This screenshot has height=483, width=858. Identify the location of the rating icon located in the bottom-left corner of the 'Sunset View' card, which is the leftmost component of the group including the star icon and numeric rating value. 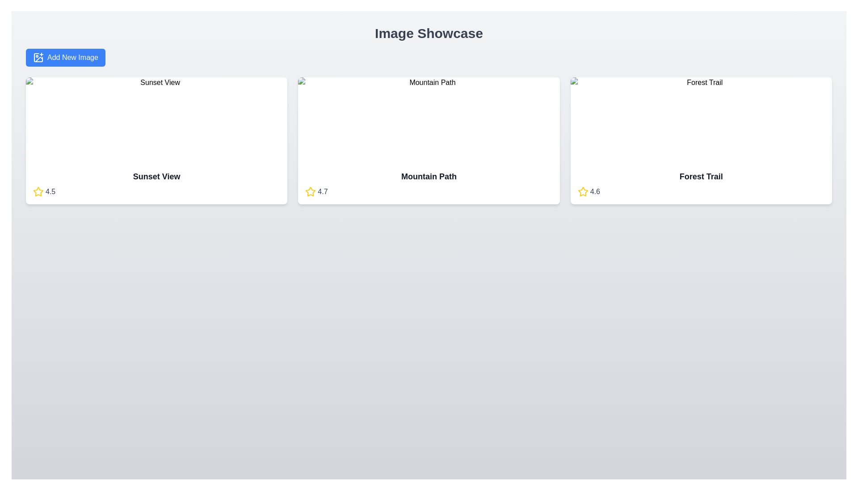
(38, 191).